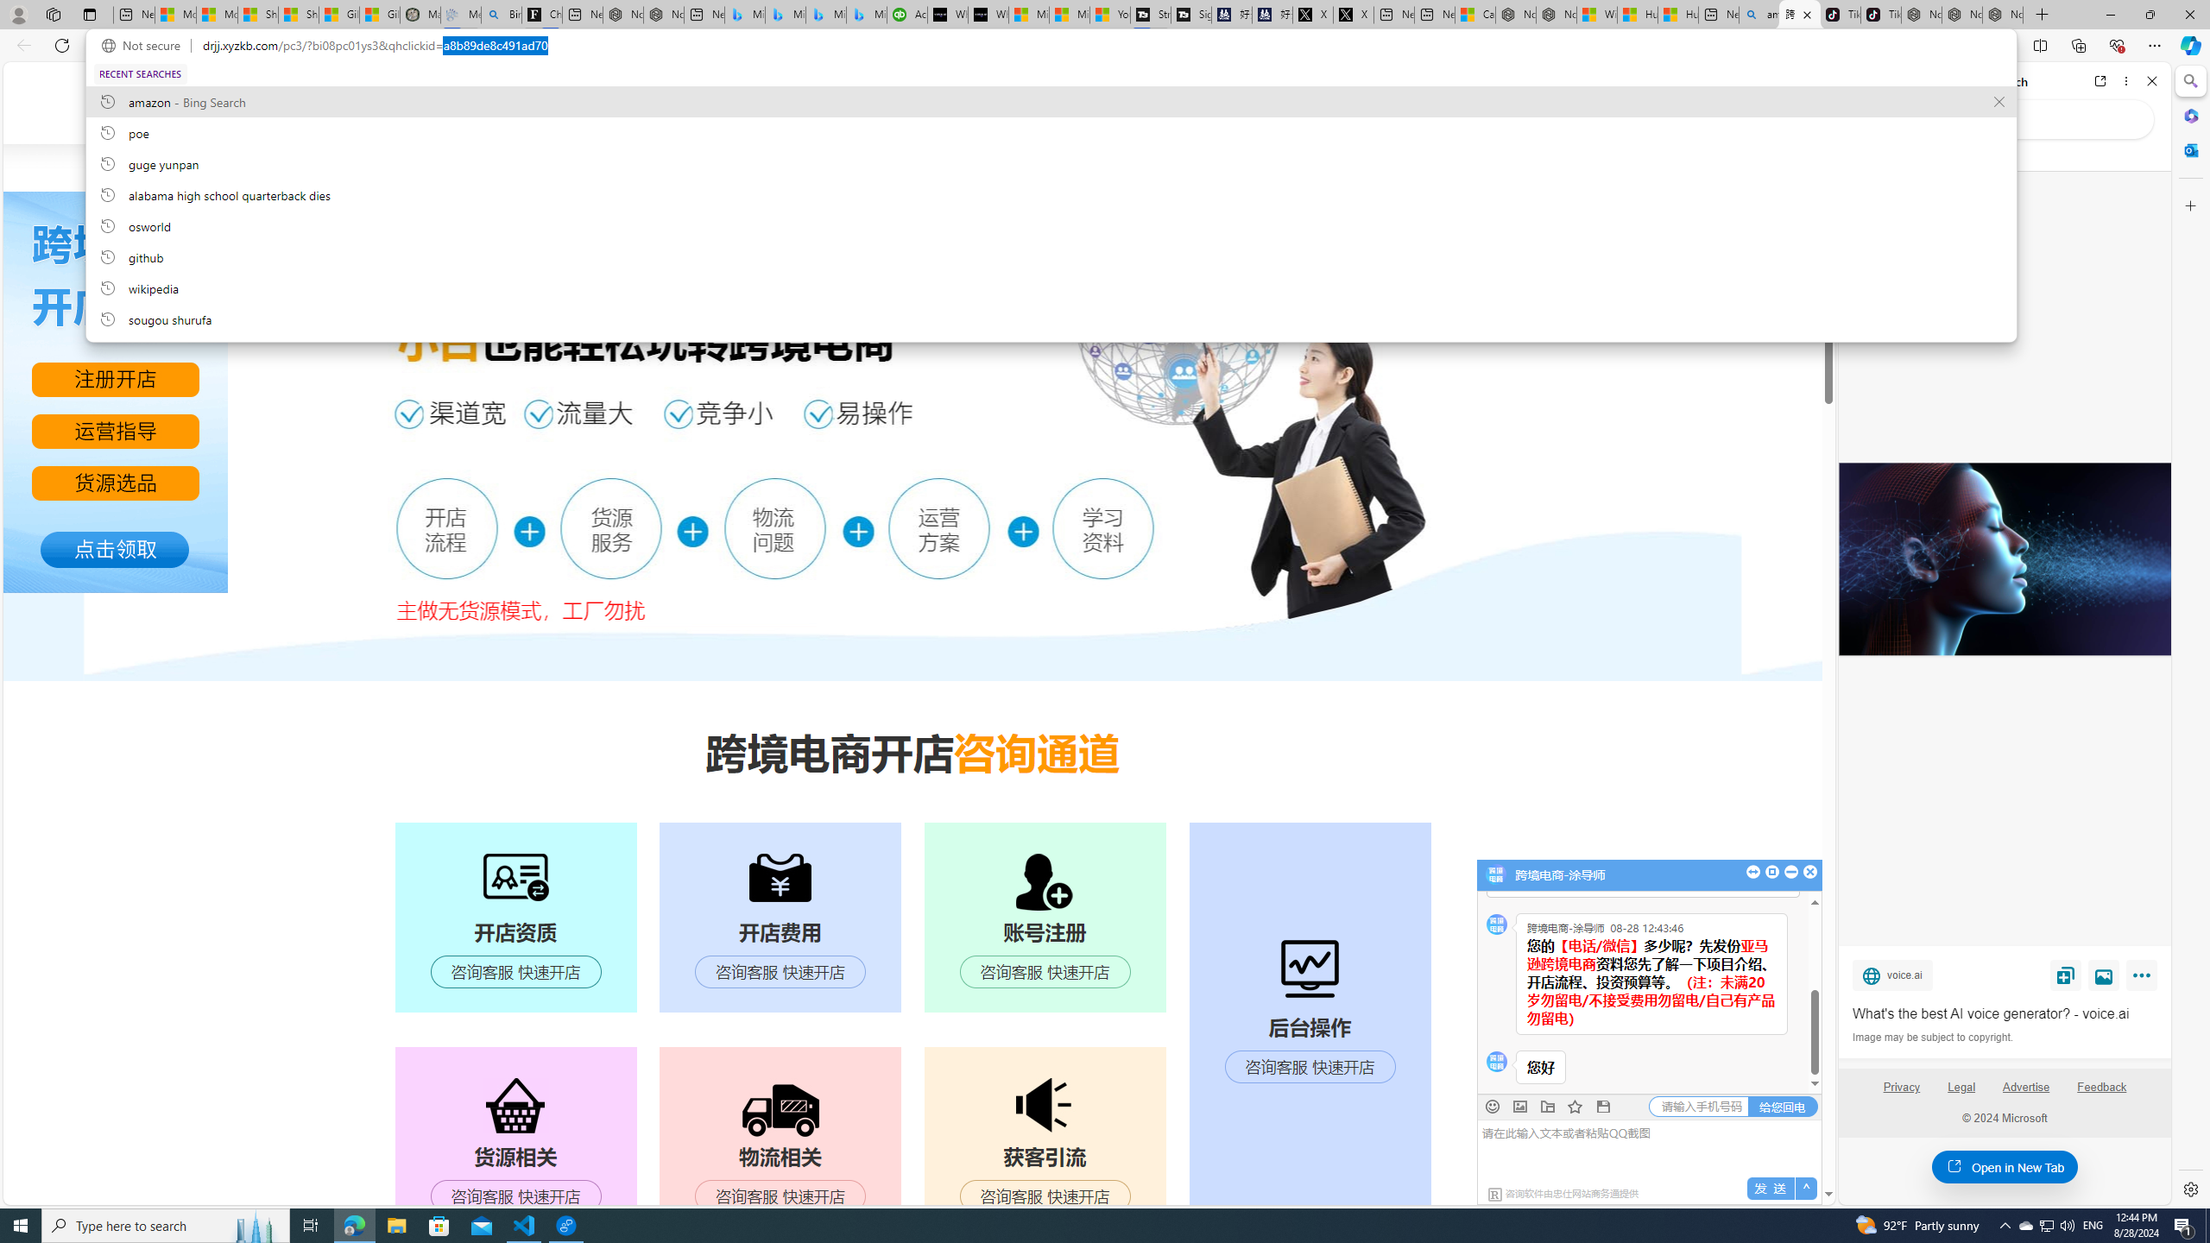  What do you see at coordinates (1866, 155) in the screenshot?
I see `'Web scope'` at bounding box center [1866, 155].